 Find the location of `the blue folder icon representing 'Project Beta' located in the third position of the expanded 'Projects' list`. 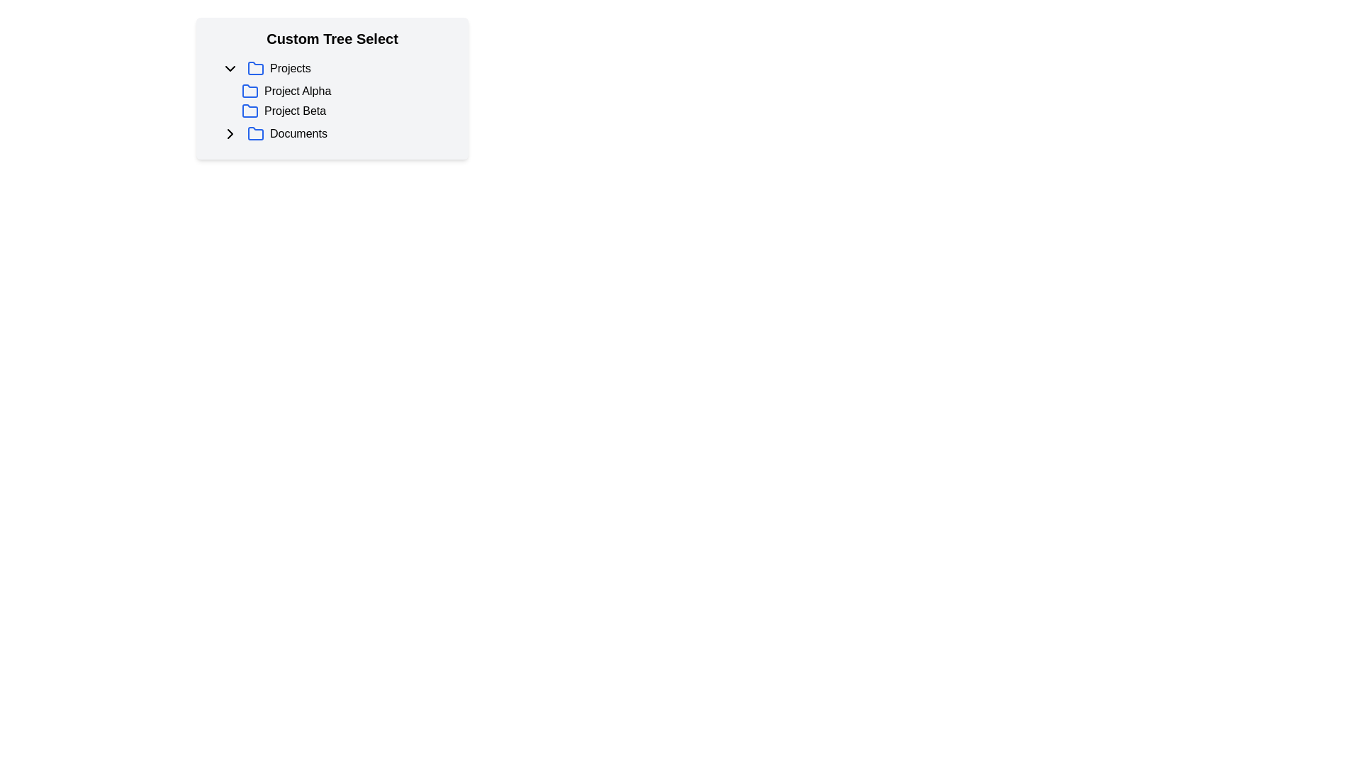

the blue folder icon representing 'Project Beta' located in the third position of the expanded 'Projects' list is located at coordinates (250, 109).